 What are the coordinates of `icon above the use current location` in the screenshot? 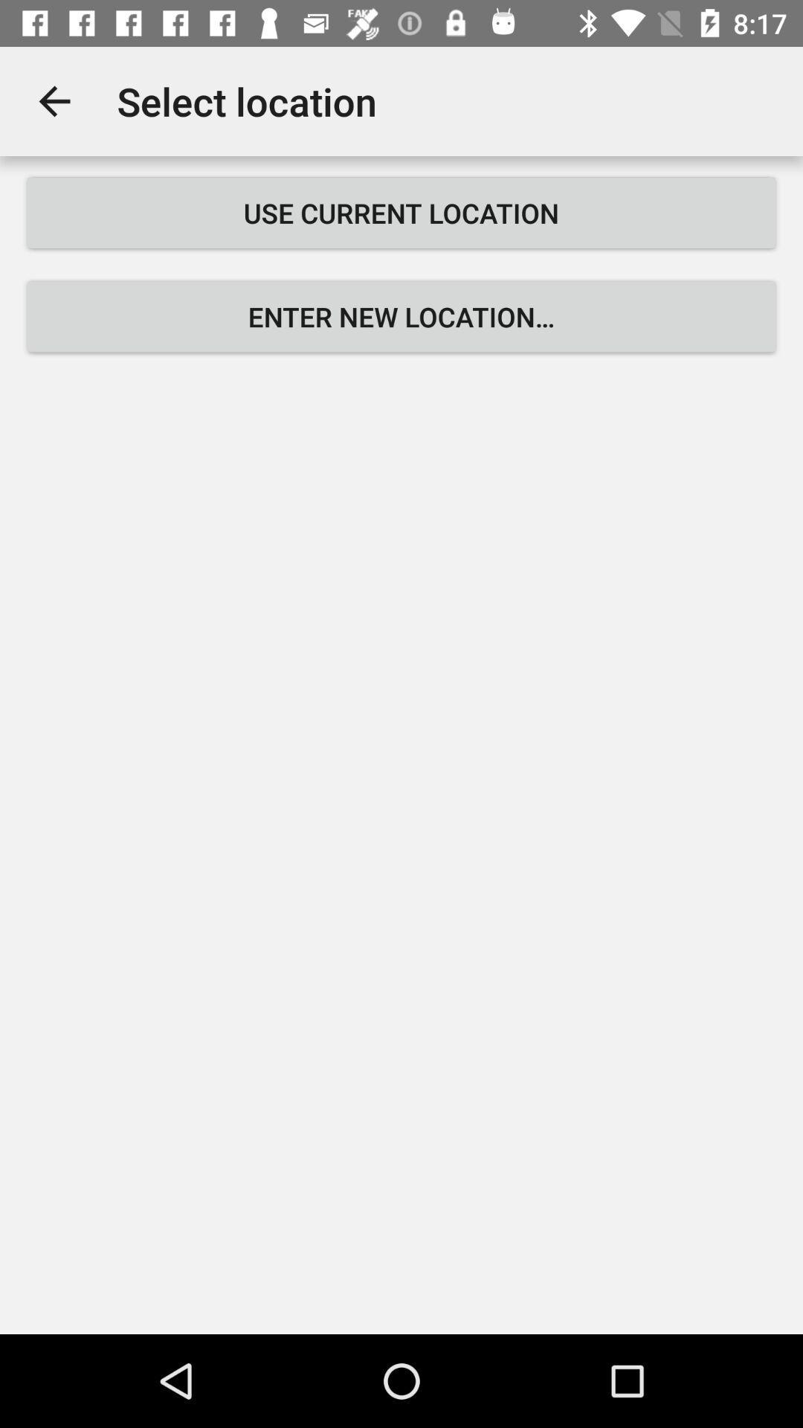 It's located at (54, 100).